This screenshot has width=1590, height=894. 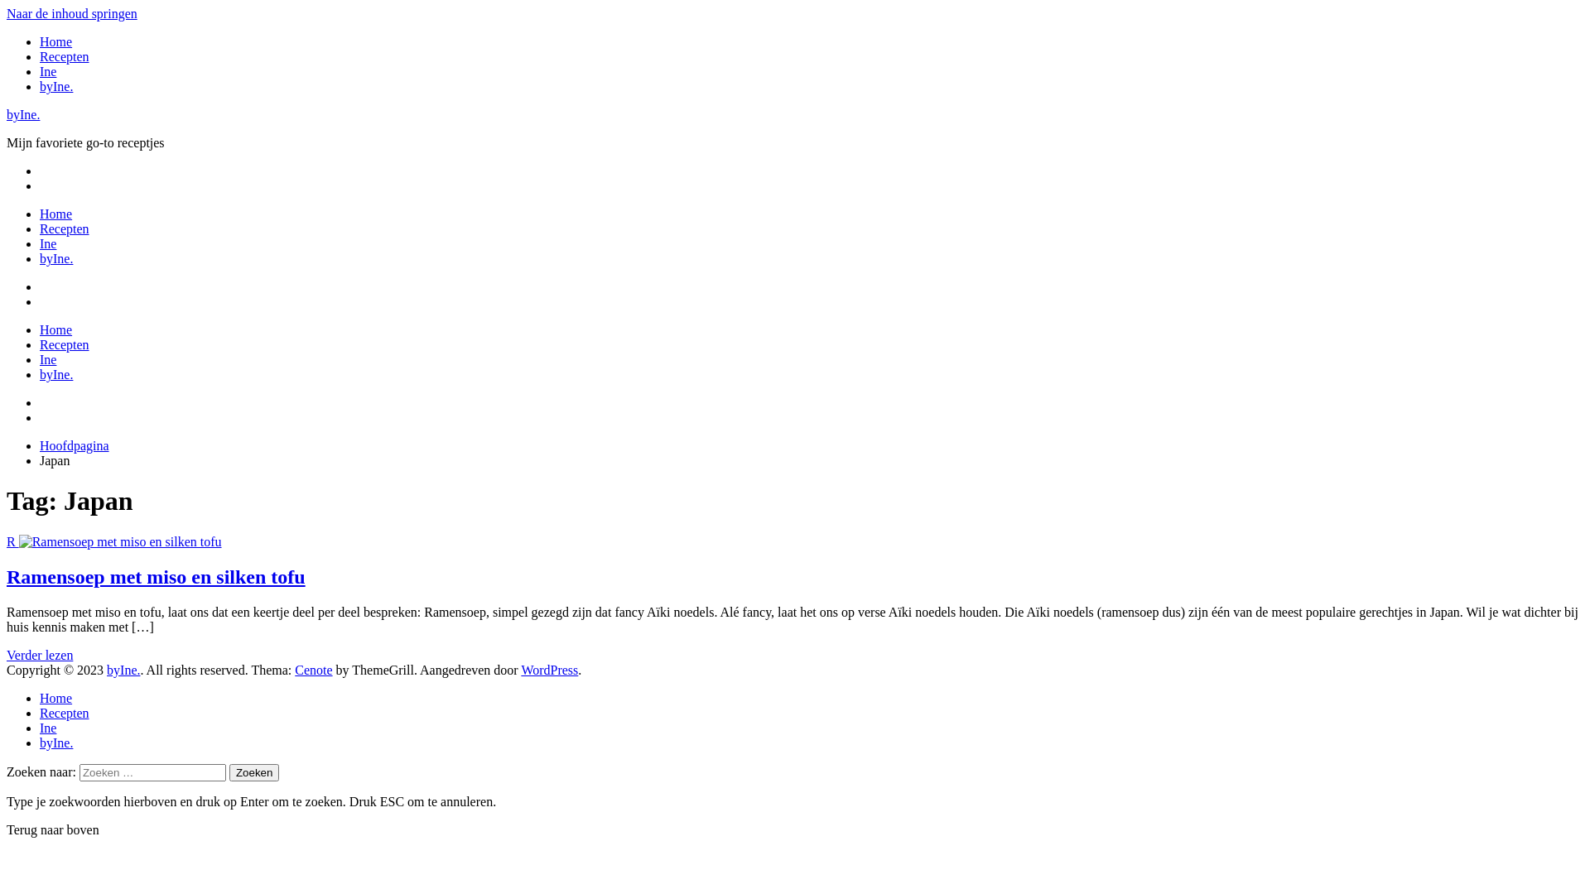 What do you see at coordinates (294, 669) in the screenshot?
I see `'Cenote'` at bounding box center [294, 669].